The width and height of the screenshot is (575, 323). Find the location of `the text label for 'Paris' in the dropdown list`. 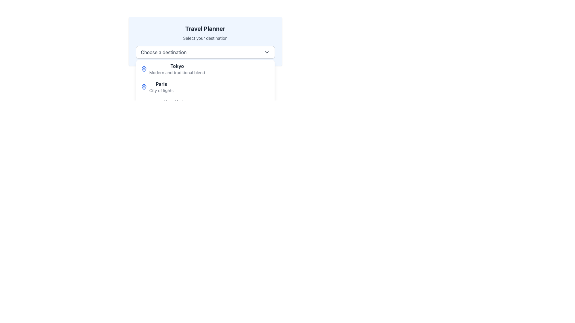

the text label for 'Paris' in the dropdown list is located at coordinates (161, 87).